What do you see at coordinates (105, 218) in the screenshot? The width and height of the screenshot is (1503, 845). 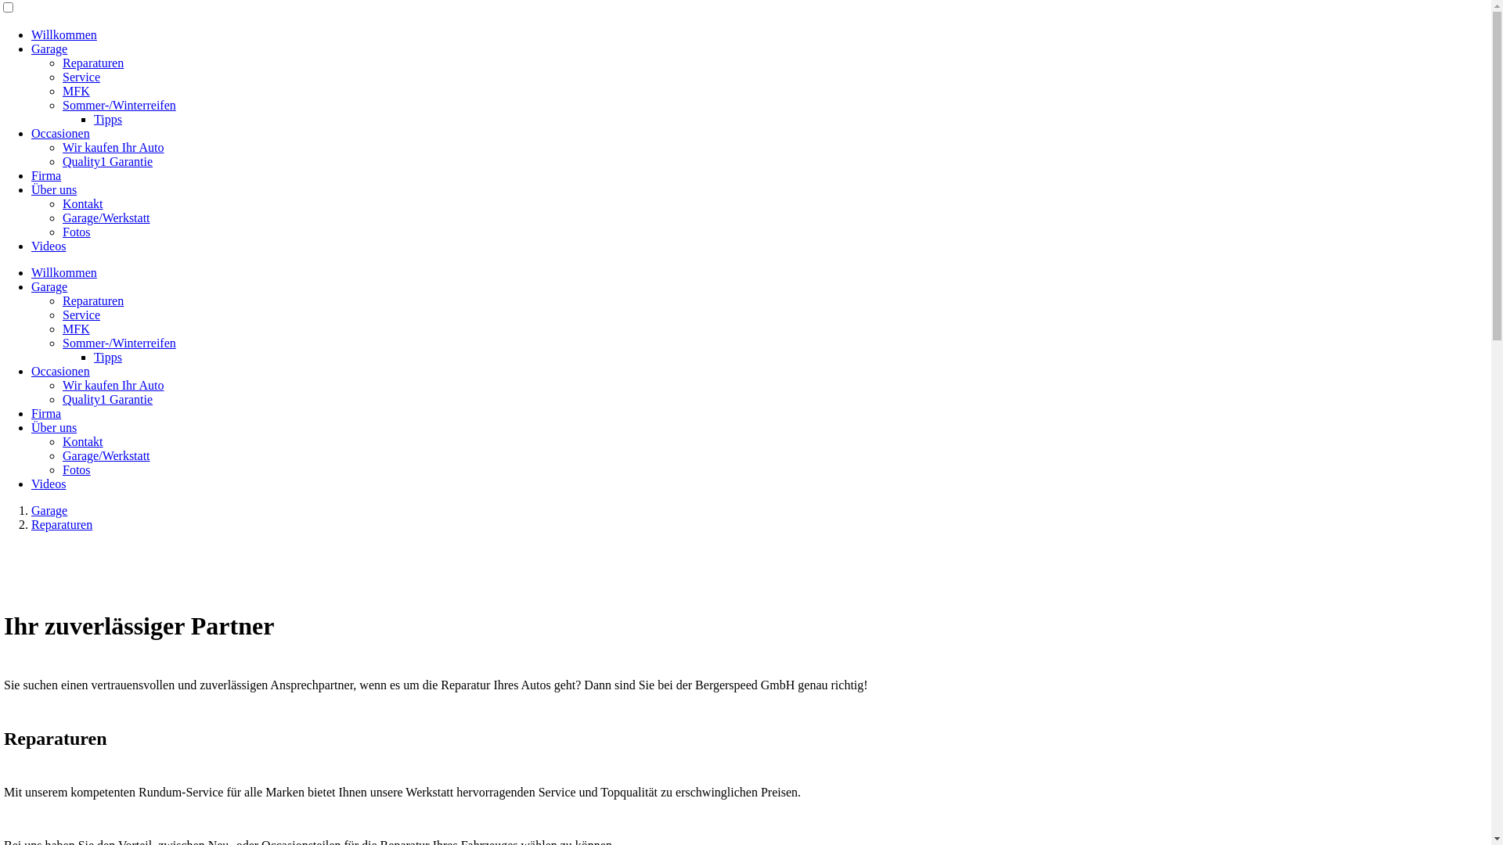 I see `'Garage/Werkstatt'` at bounding box center [105, 218].